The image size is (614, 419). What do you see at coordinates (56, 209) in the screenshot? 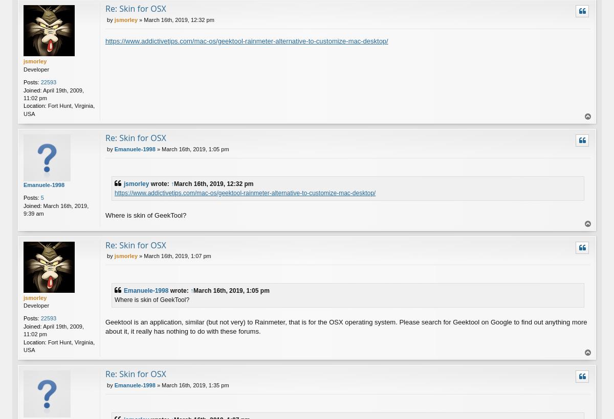
I see `'March 16th, 2019, 9:39 am'` at bounding box center [56, 209].